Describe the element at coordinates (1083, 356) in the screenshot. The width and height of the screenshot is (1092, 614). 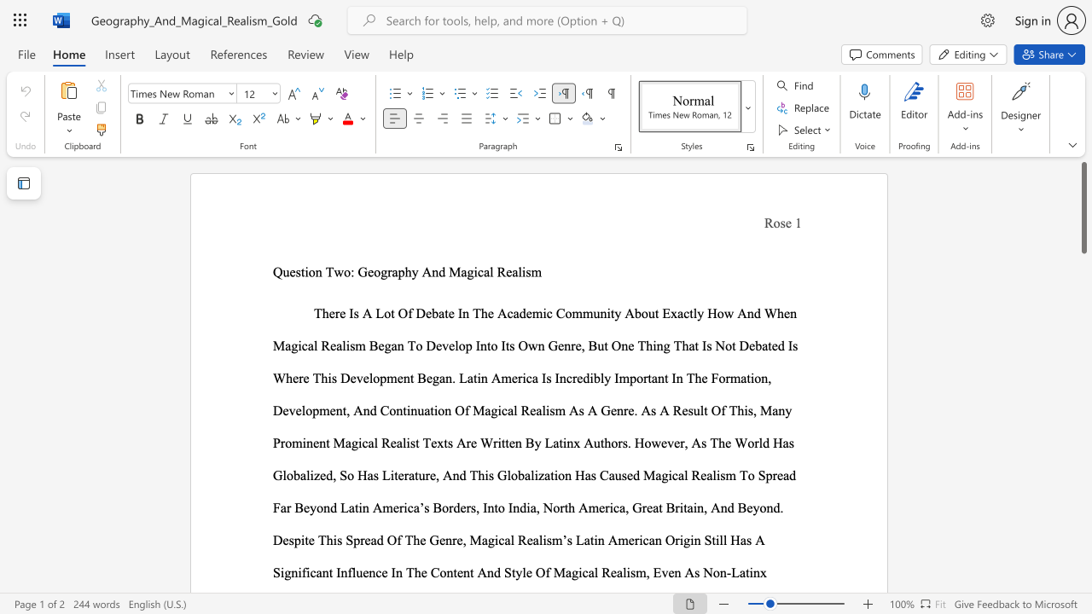
I see `the scrollbar to move the page downward` at that location.